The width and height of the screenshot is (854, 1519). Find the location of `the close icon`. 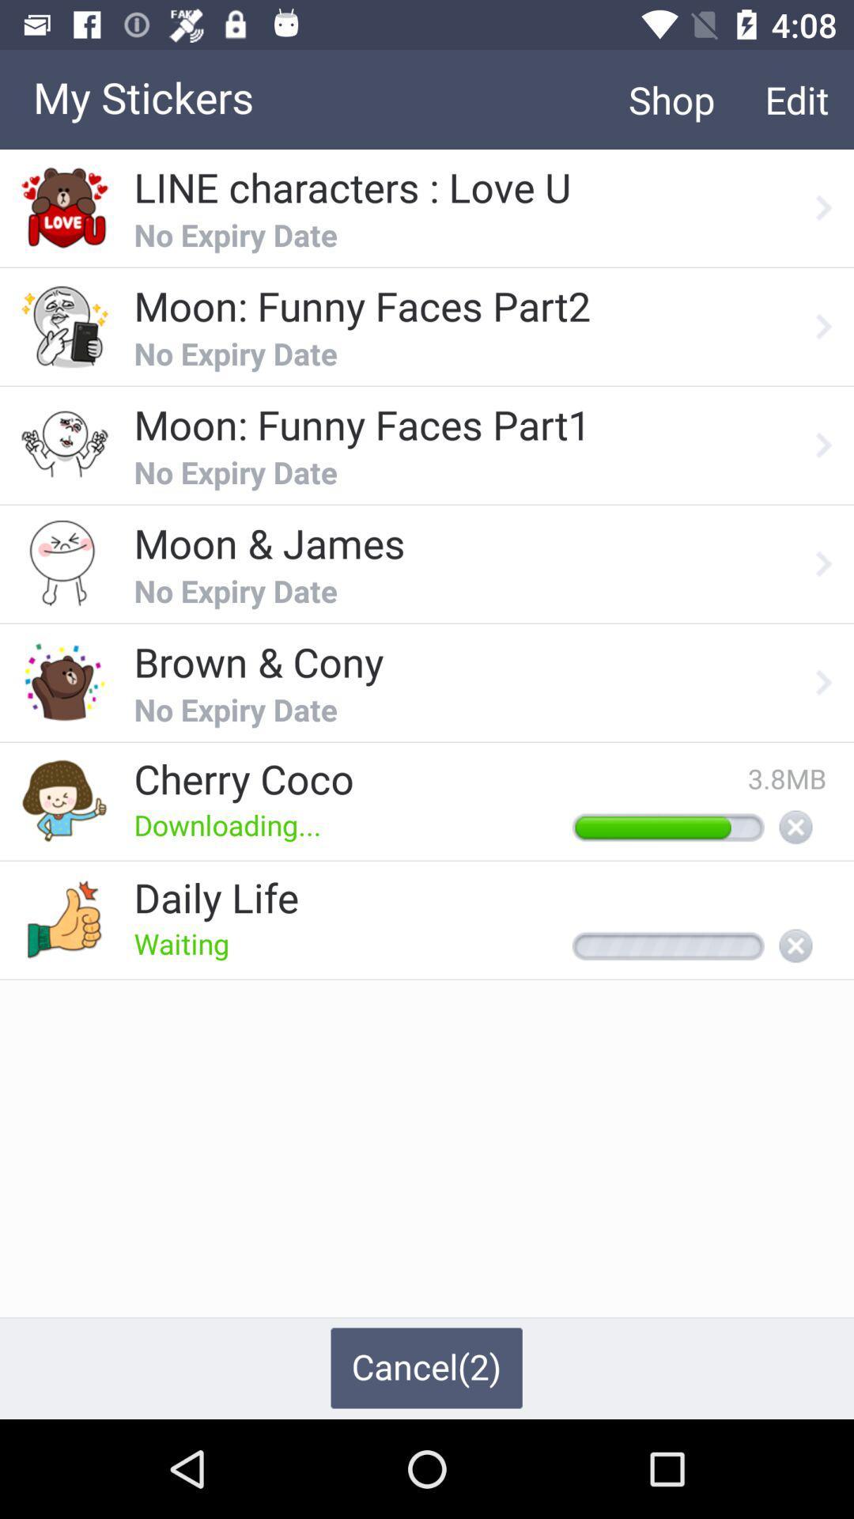

the close icon is located at coordinates (795, 828).